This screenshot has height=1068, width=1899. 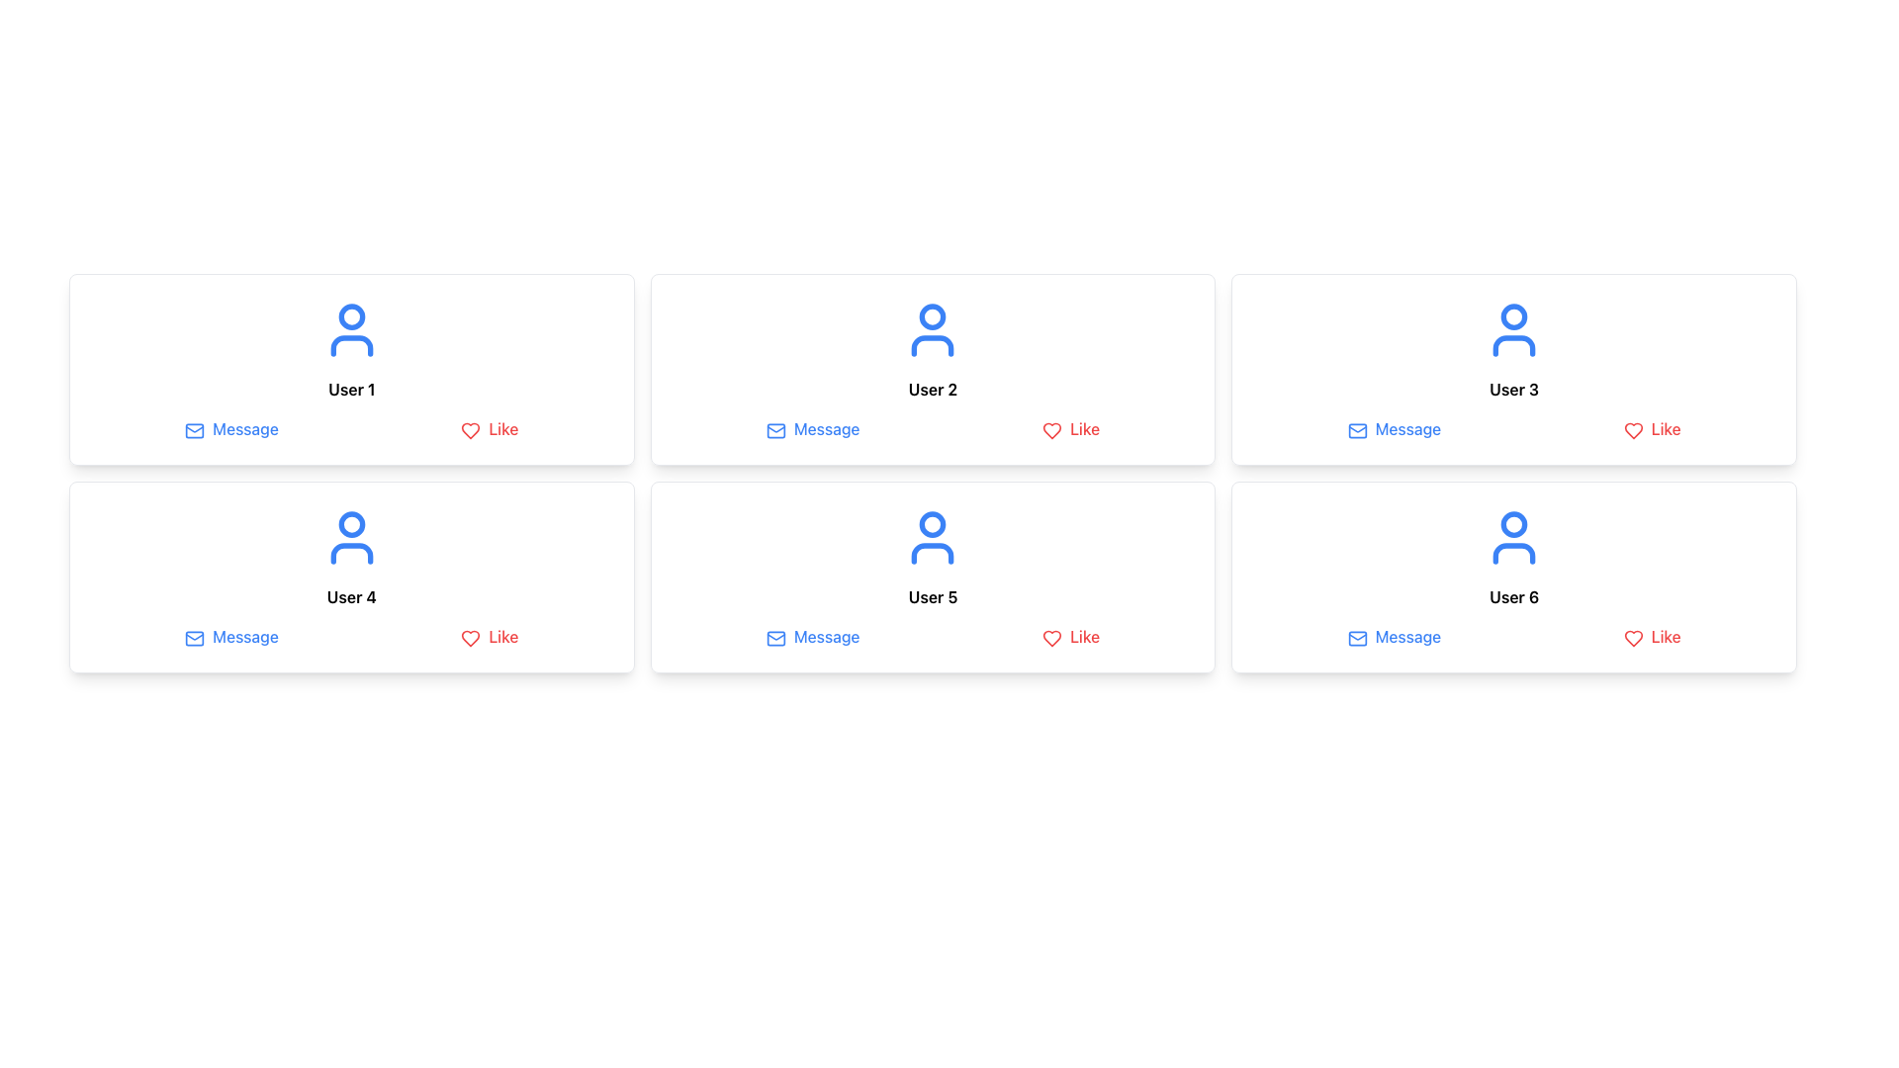 I want to click on the 'like' button located in the 'Like' section of 'User 3's profile card, so click(x=1652, y=428).